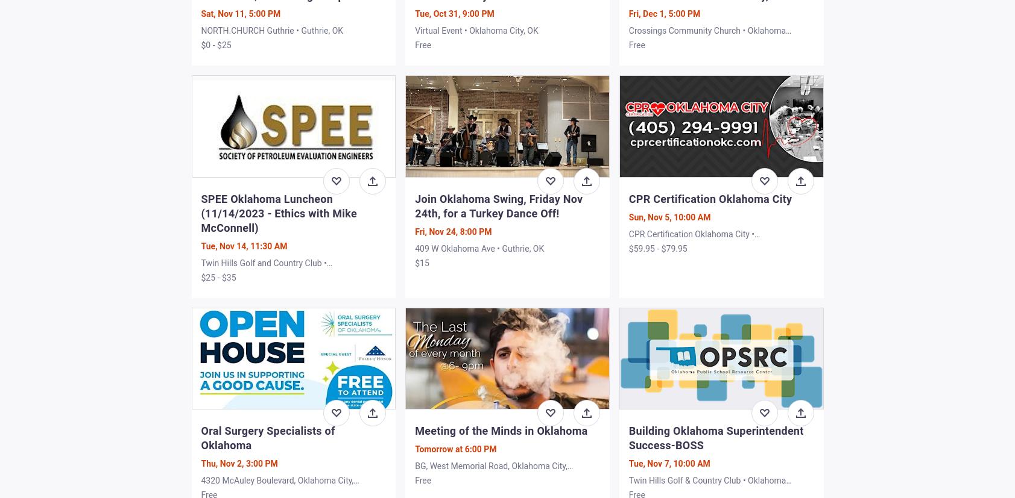 Image resolution: width=1015 pixels, height=498 pixels. What do you see at coordinates (657, 248) in the screenshot?
I see `'$59.95 - $79.95'` at bounding box center [657, 248].